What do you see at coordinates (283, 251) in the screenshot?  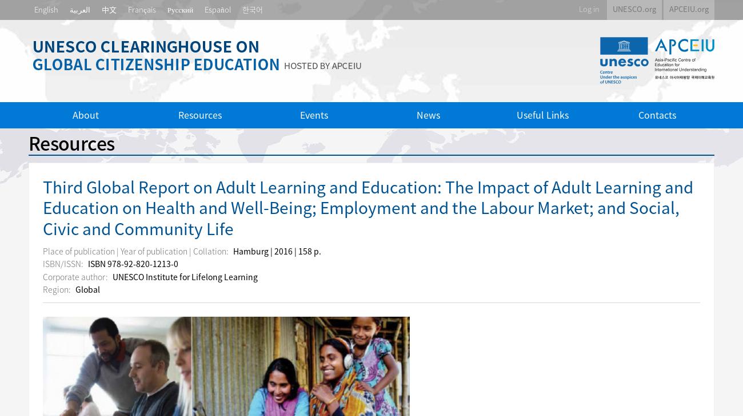 I see `'2016'` at bounding box center [283, 251].